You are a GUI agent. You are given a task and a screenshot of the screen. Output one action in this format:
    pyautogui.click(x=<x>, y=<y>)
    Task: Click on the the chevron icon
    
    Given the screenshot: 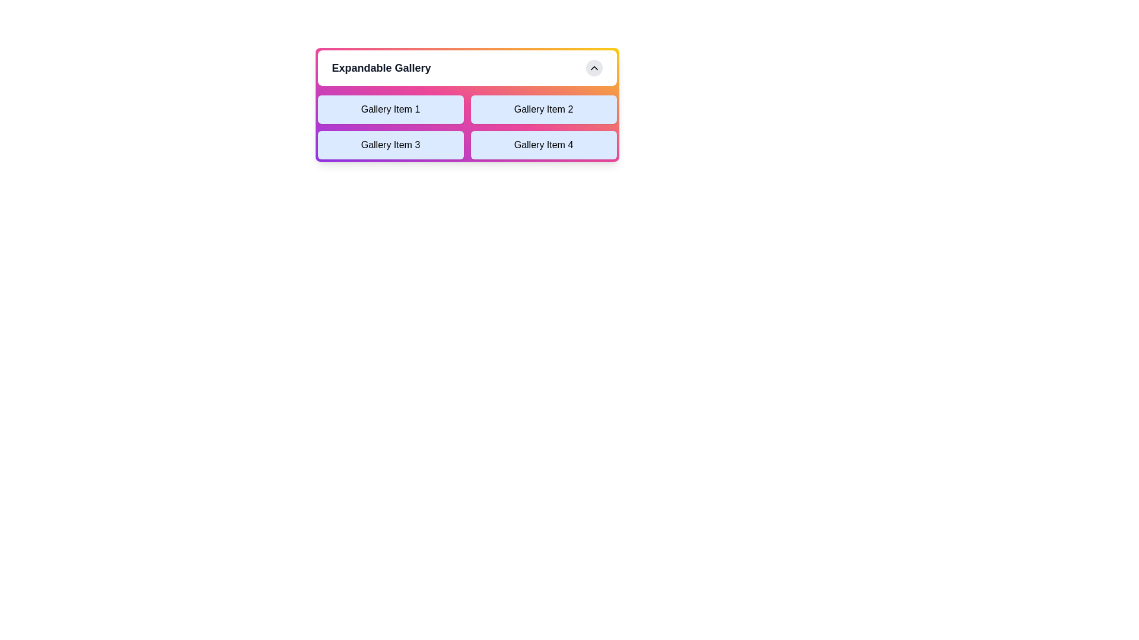 What is the action you would take?
    pyautogui.click(x=594, y=68)
    